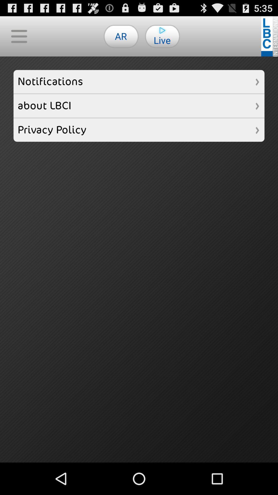  Describe the element at coordinates (19, 36) in the screenshot. I see `the item to the left of the ar item` at that location.